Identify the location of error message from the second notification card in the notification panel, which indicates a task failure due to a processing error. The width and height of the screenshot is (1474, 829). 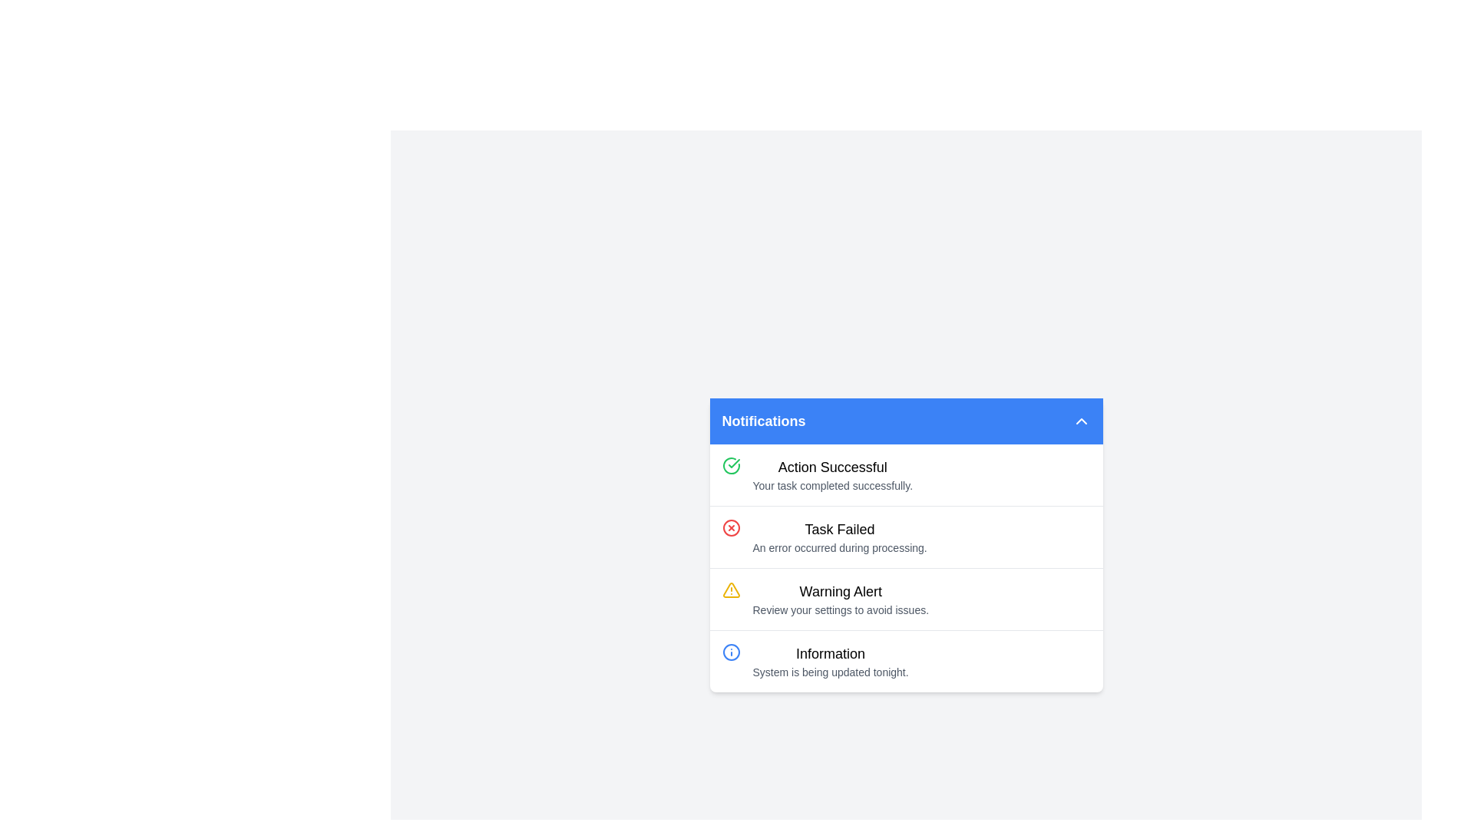
(839, 536).